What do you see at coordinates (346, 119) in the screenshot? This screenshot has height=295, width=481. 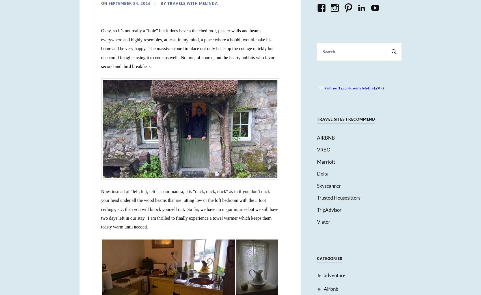 I see `'Travel Sites I Recommend'` at bounding box center [346, 119].